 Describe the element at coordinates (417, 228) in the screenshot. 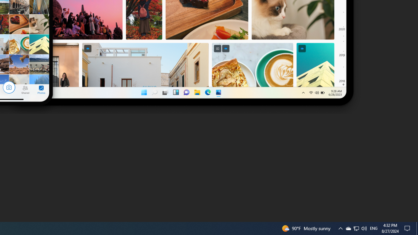

I see `'Show desktop'` at that location.